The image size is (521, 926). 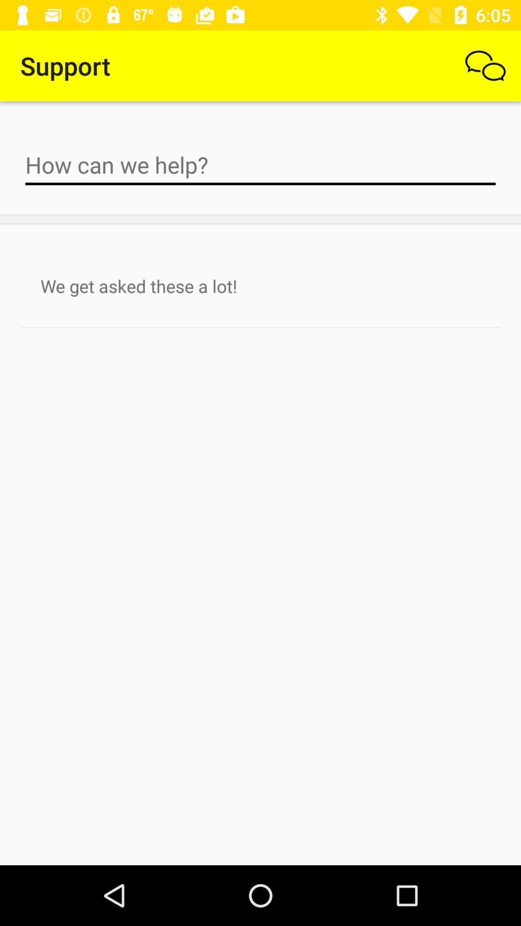 I want to click on we get asked, so click(x=260, y=286).